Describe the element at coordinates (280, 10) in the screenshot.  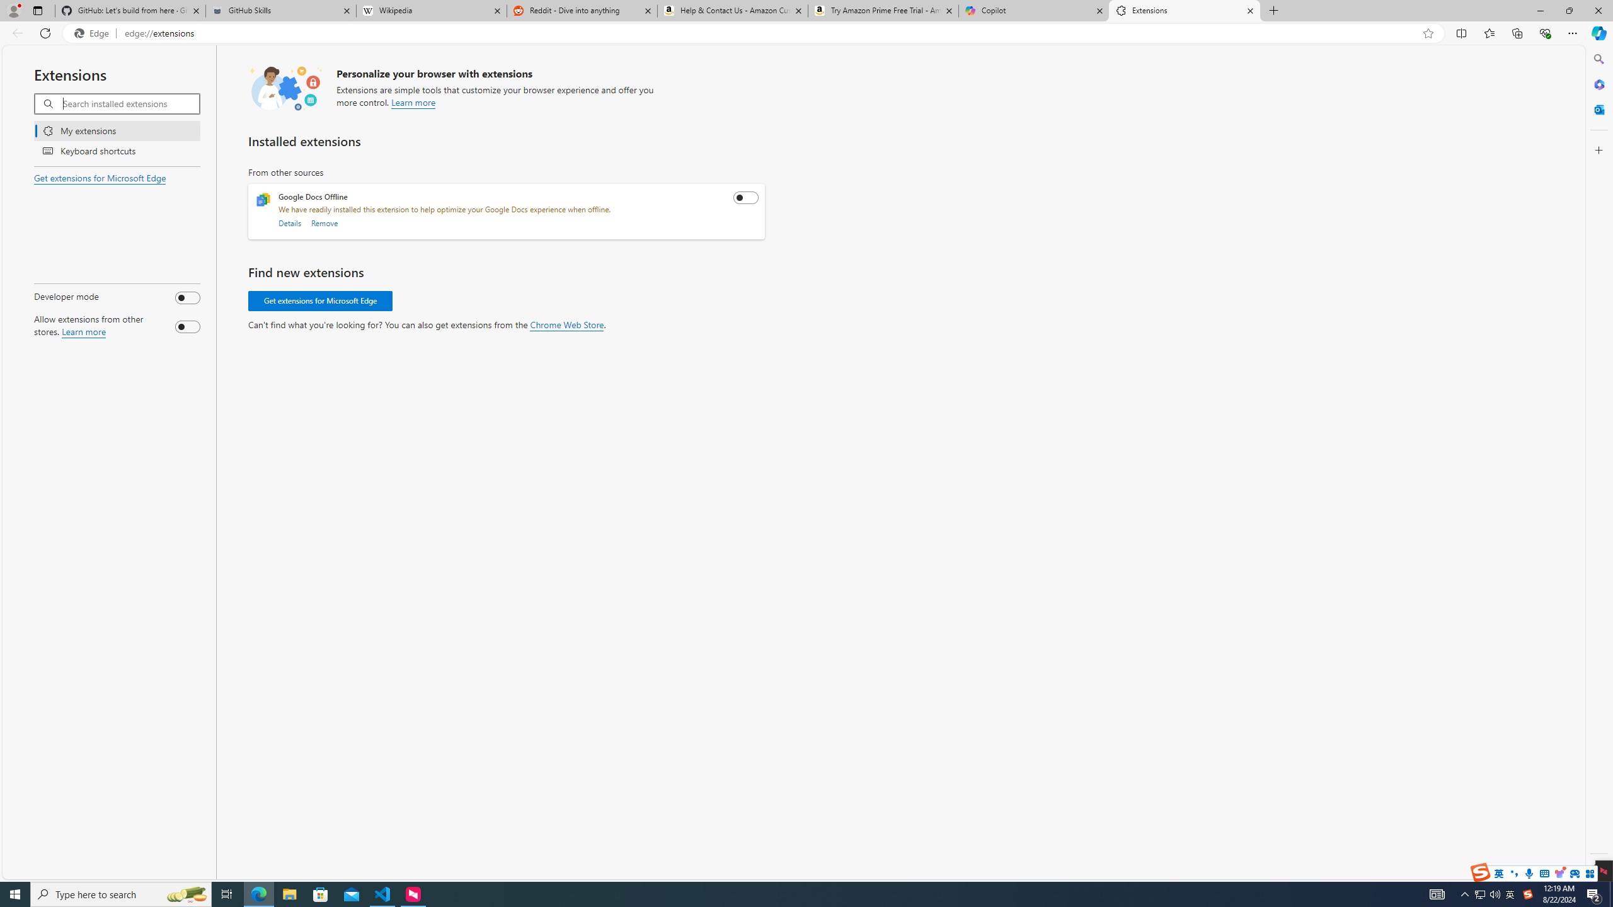
I see `'GitHub Skills'` at that location.